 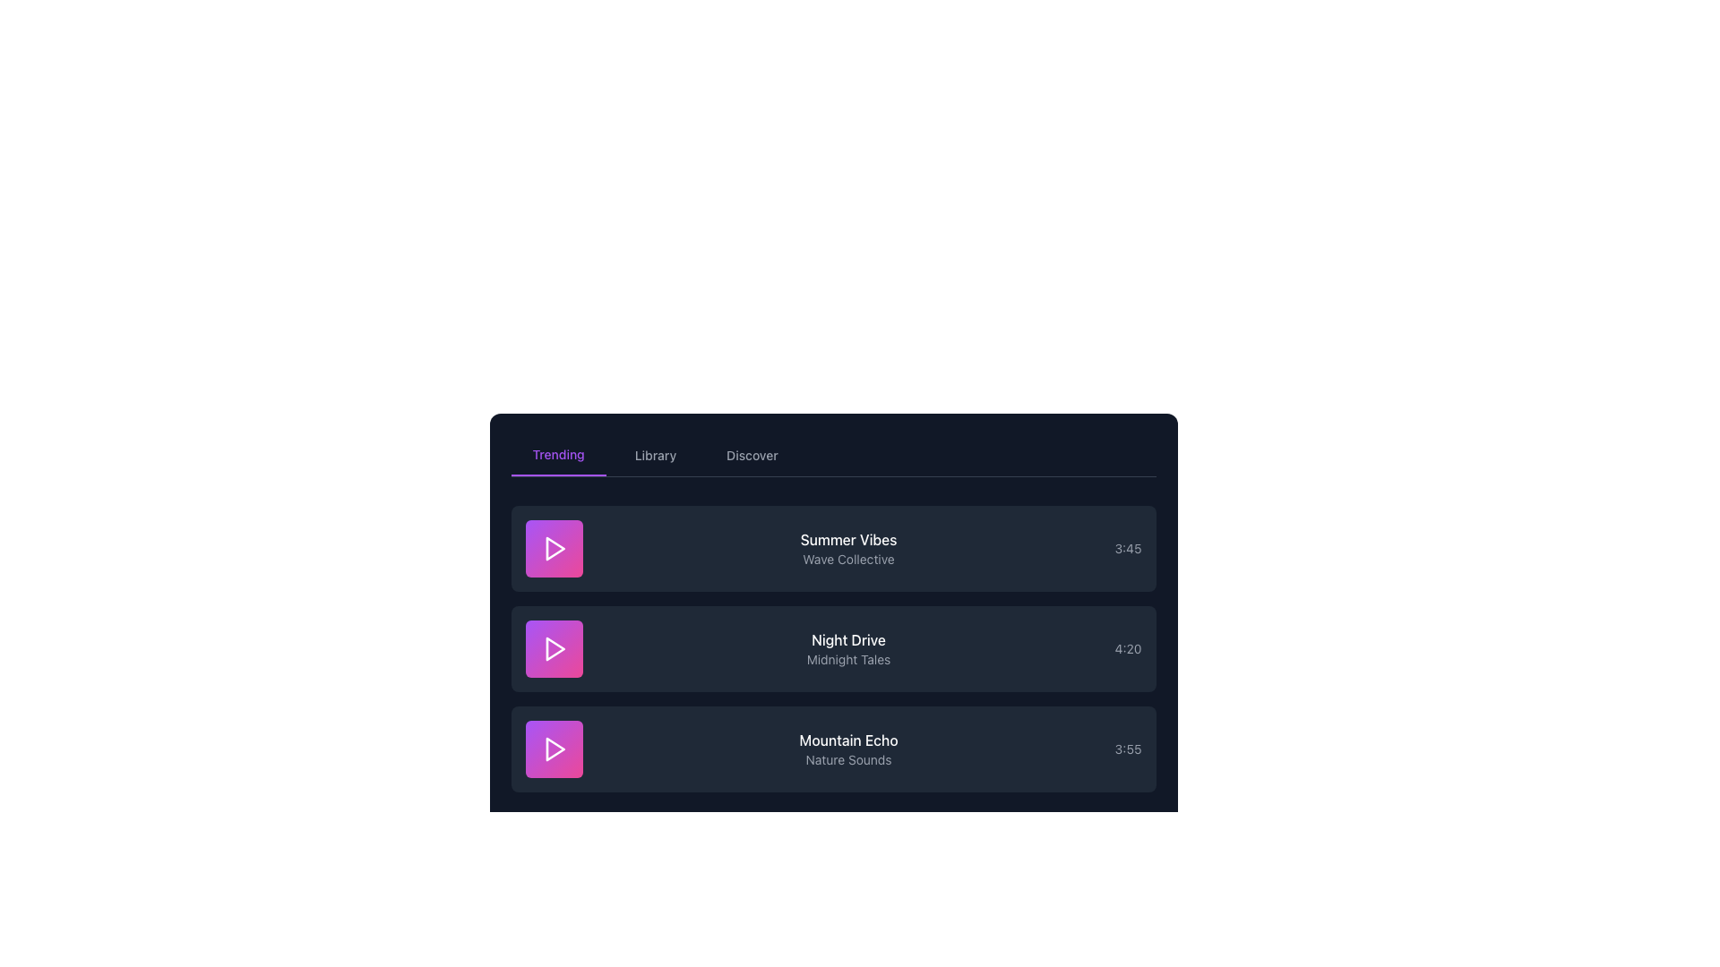 I want to click on the square button with a gradient background transitioning from purple to pink, featuring a white play icon in the center, to play the track, so click(x=553, y=649).